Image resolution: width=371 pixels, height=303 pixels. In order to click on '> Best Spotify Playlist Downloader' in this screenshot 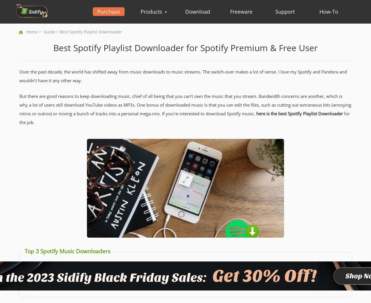, I will do `click(88, 32)`.